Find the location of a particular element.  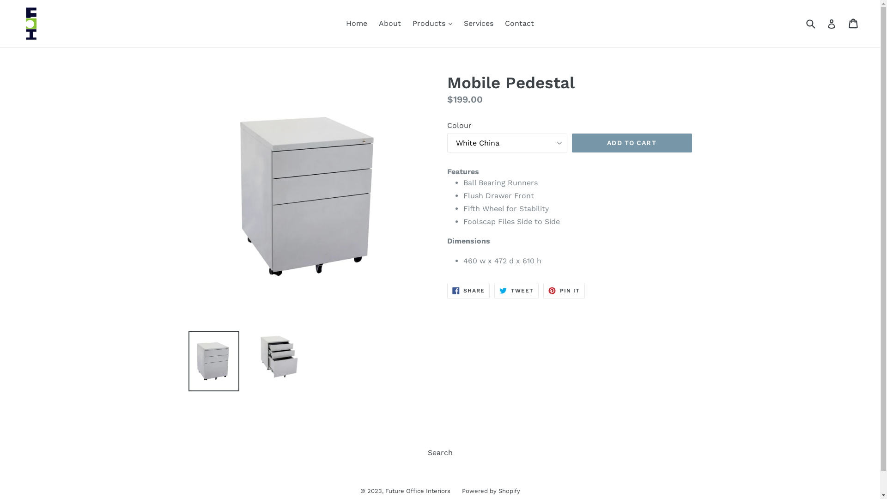

'Cart is located at coordinates (853, 23).